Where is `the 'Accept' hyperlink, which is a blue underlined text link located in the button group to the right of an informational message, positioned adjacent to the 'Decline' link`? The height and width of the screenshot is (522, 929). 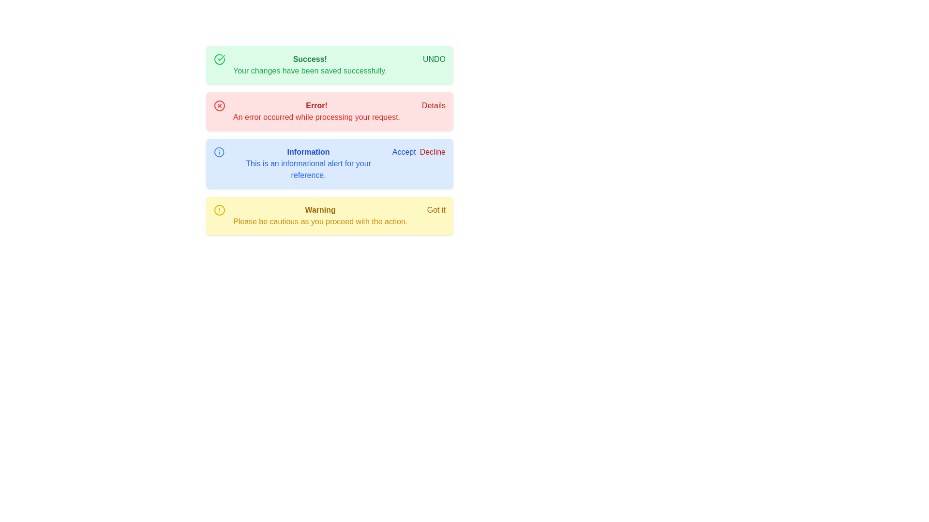
the 'Accept' hyperlink, which is a blue underlined text link located in the button group to the right of an informational message, positioned adjacent to the 'Decline' link is located at coordinates (404, 152).